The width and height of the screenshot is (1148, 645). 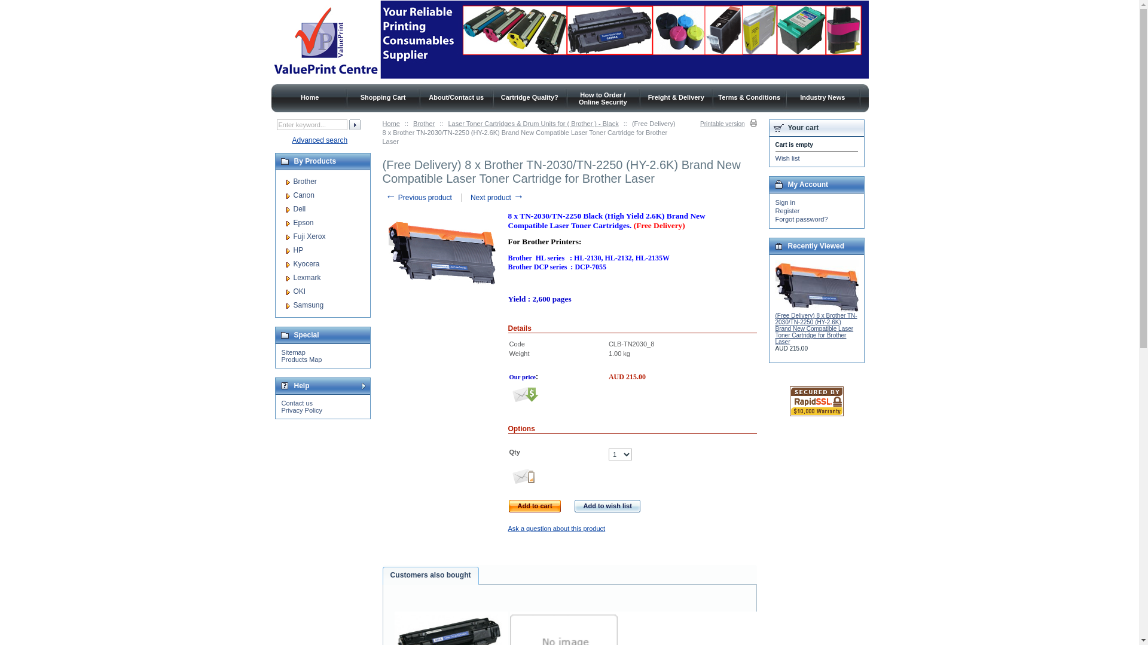 What do you see at coordinates (292, 195) in the screenshot?
I see `'Canon'` at bounding box center [292, 195].